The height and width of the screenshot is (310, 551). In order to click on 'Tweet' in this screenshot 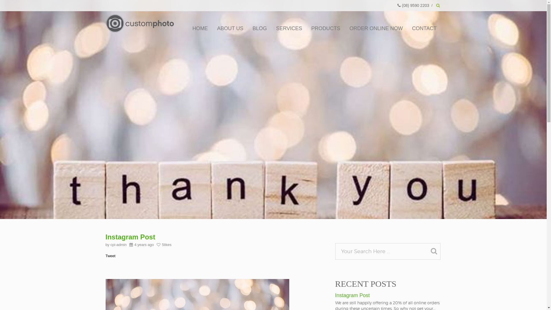, I will do `click(106, 256)`.